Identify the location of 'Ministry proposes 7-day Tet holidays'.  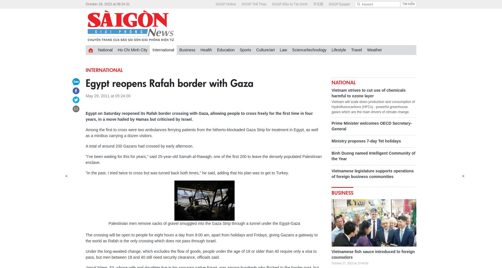
(332, 141).